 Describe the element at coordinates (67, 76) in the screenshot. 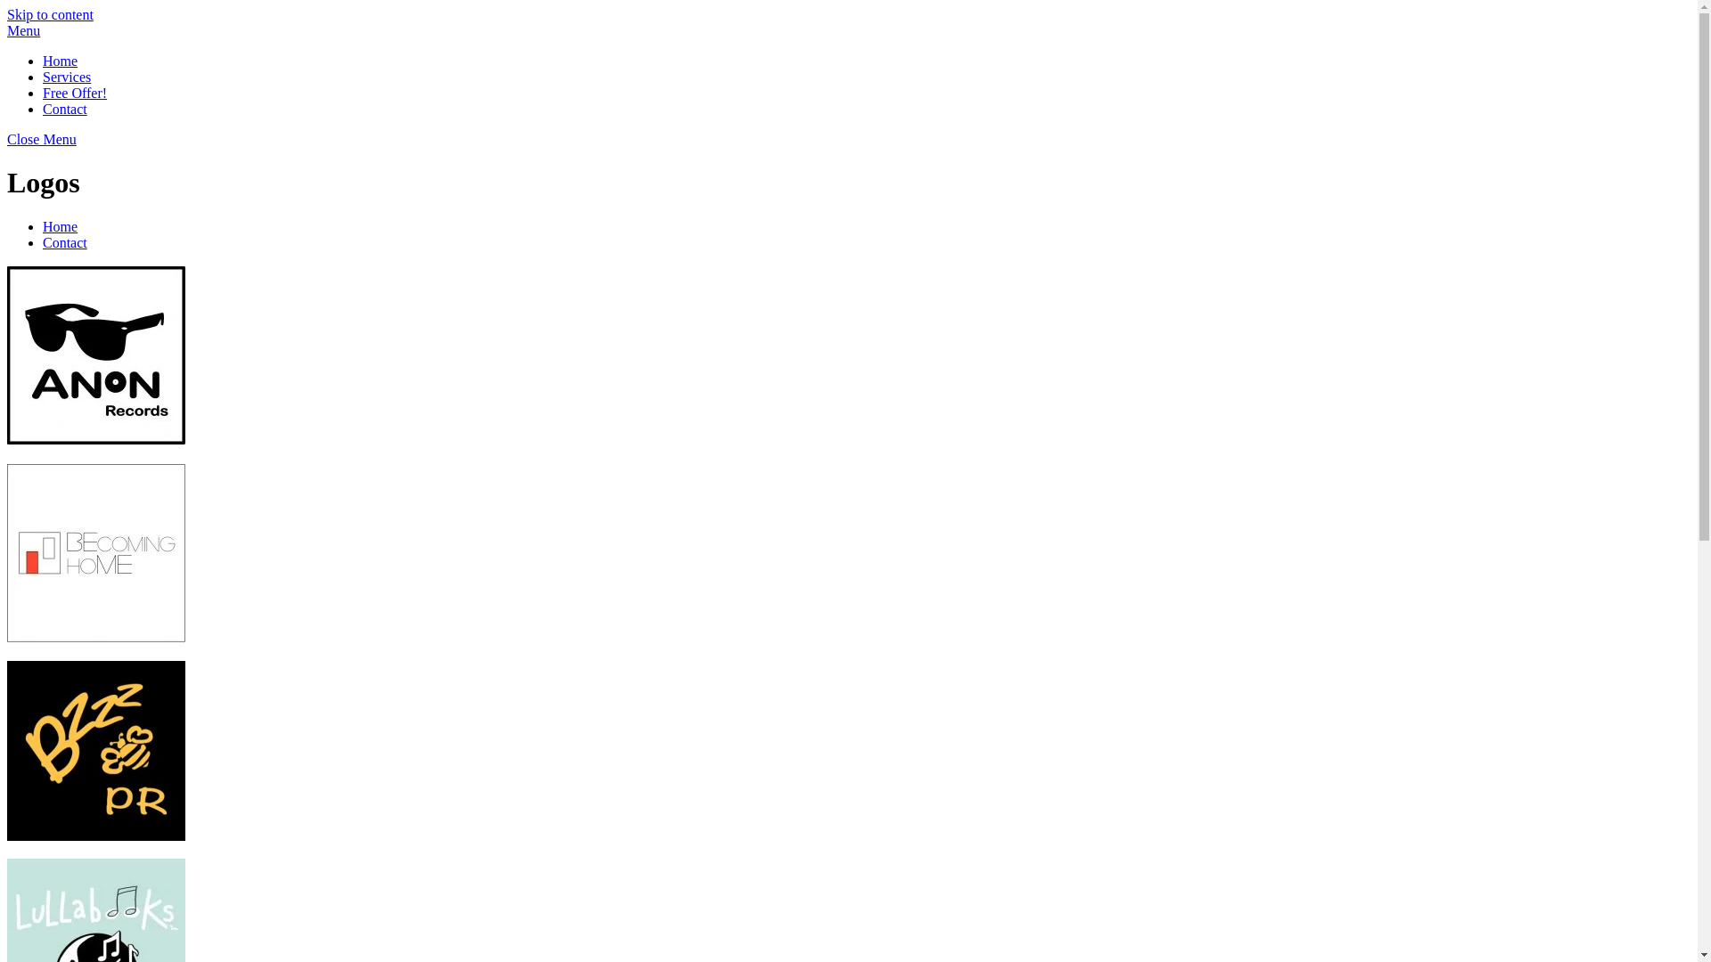

I see `'Services'` at that location.